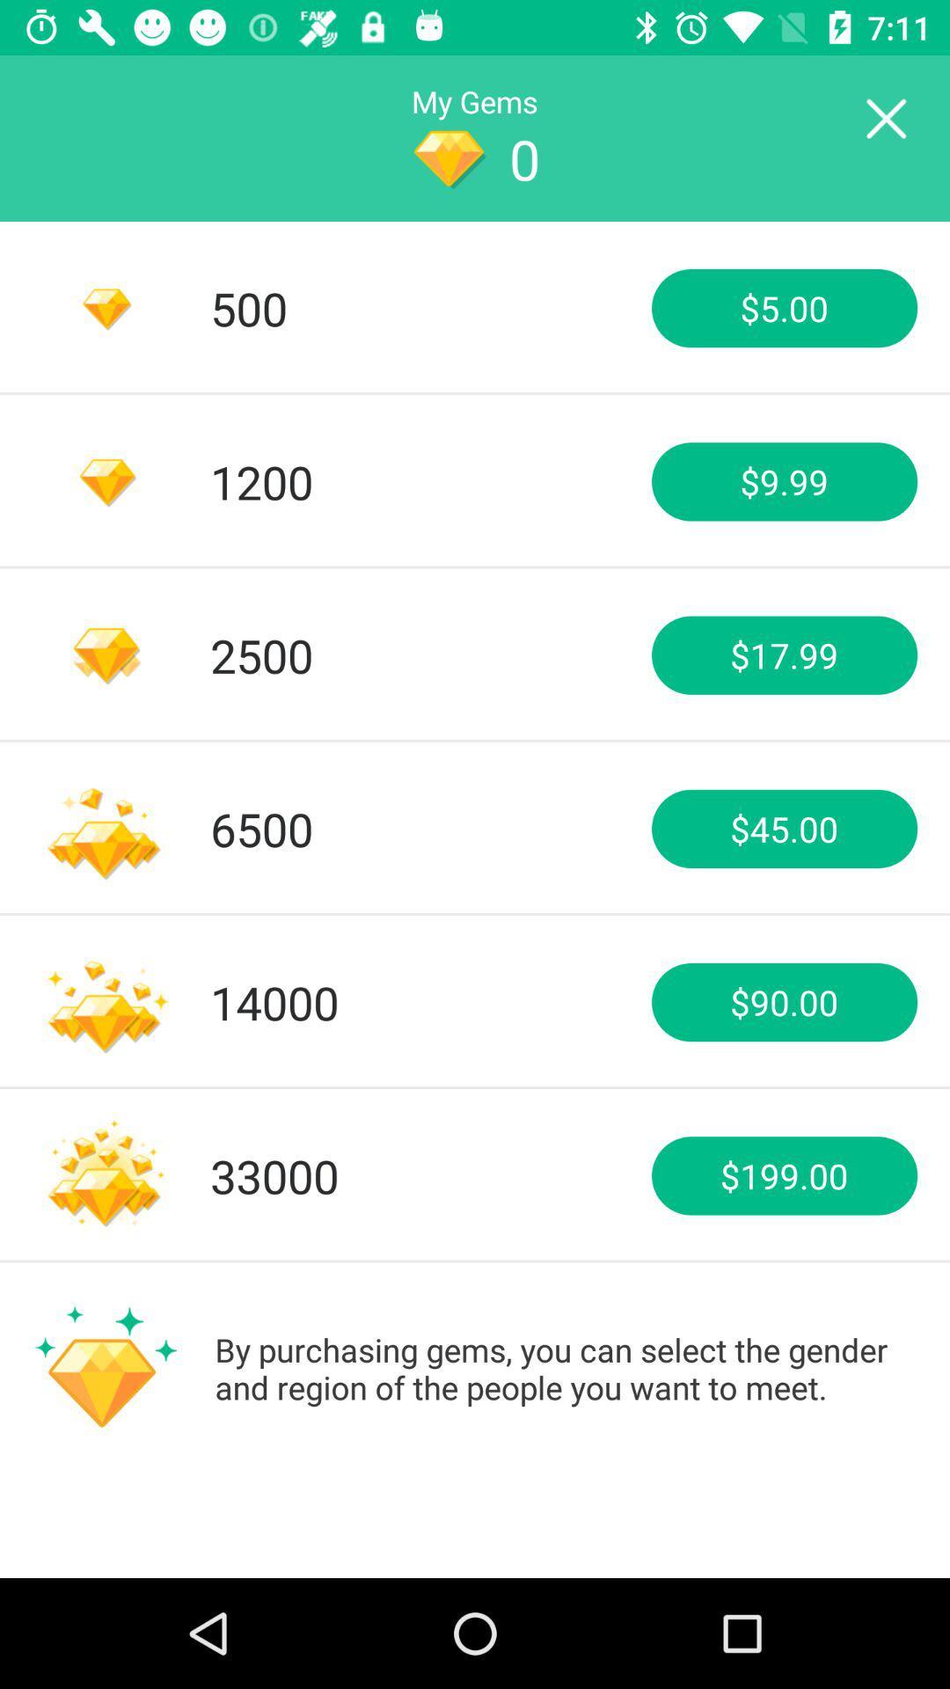 The height and width of the screenshot is (1689, 950). I want to click on window, so click(885, 119).